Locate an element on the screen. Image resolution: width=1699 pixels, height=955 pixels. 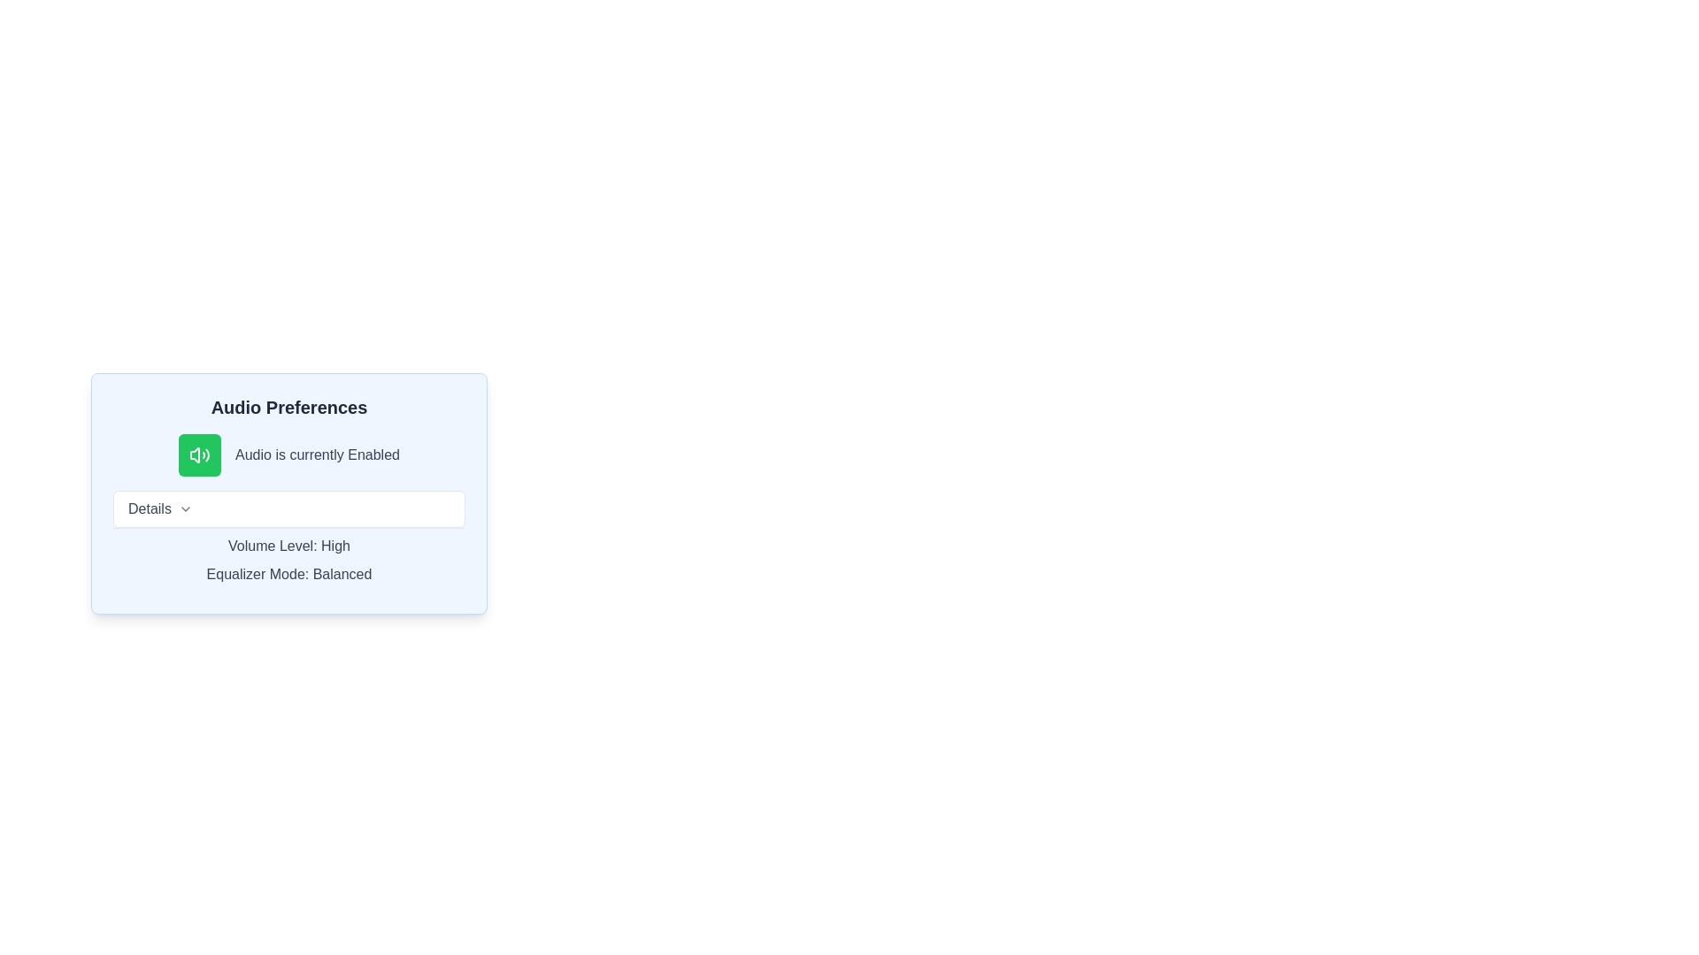
the green audio control button with a white speaker icon located to the left of the 'Audio is currently Enabled' text in the 'Audio Preferences' module is located at coordinates (199, 455).